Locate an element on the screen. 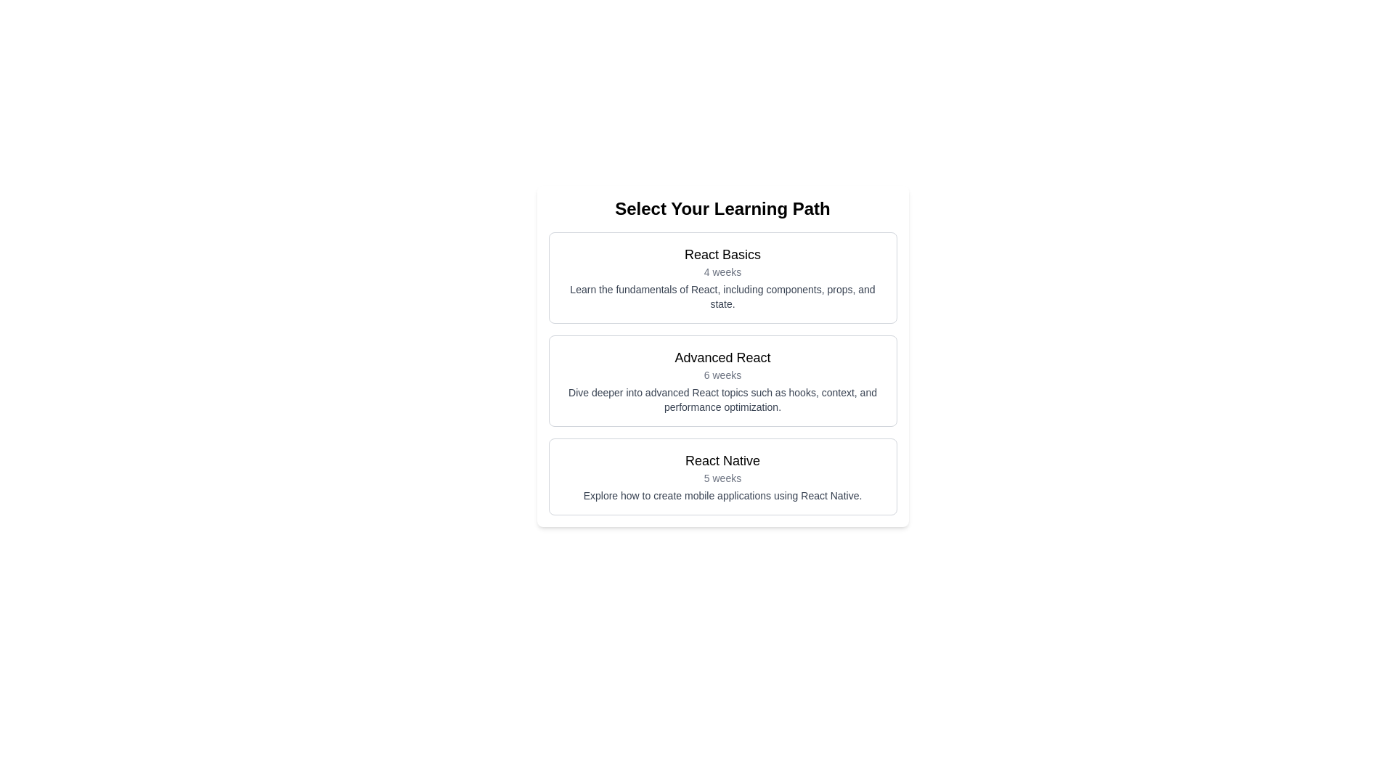  content displayed in the text label that provides information about the duration of the 'Advanced React' course, located below the heading 'Advanced React' within a card layout is located at coordinates (722, 374).